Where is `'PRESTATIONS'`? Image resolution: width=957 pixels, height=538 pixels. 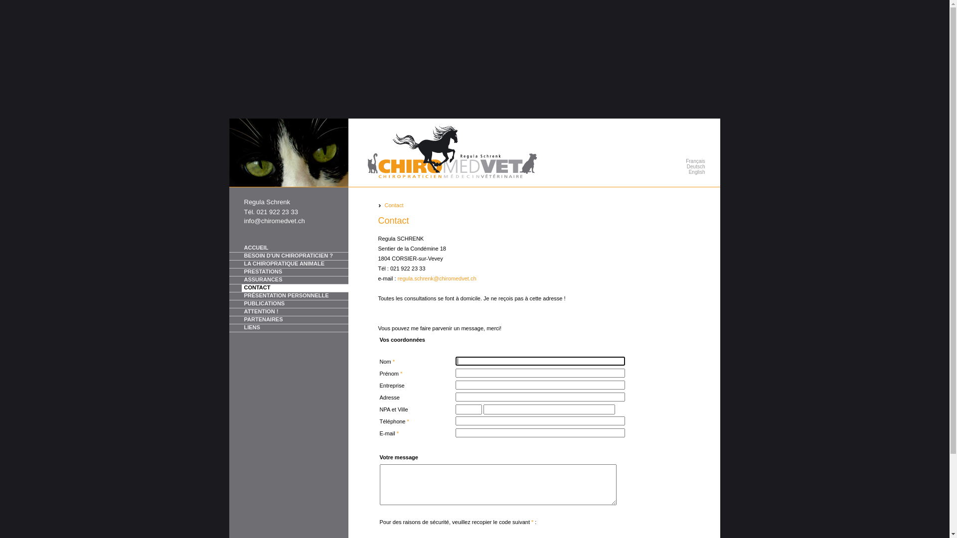
'PRESTATIONS' is located at coordinates (288, 272).